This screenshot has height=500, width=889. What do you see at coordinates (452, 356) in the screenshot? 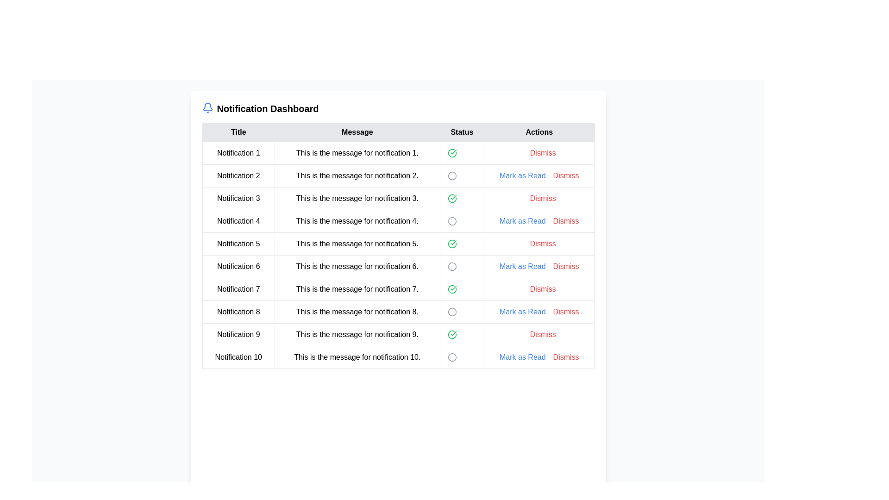
I see `the interactive icon in the 'Status' cell for the 'Notification 10' row to change its state from unread to read` at bounding box center [452, 356].